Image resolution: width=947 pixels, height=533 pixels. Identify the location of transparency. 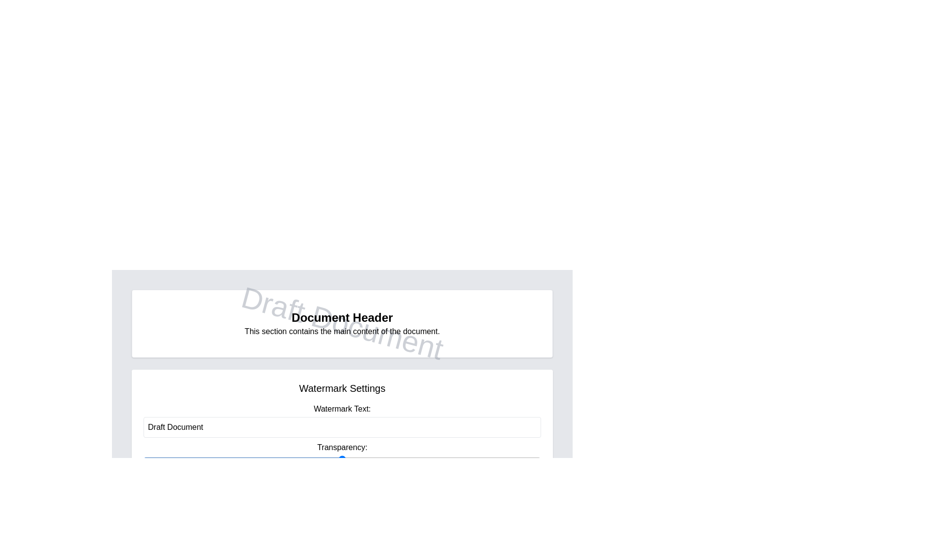
(143, 459).